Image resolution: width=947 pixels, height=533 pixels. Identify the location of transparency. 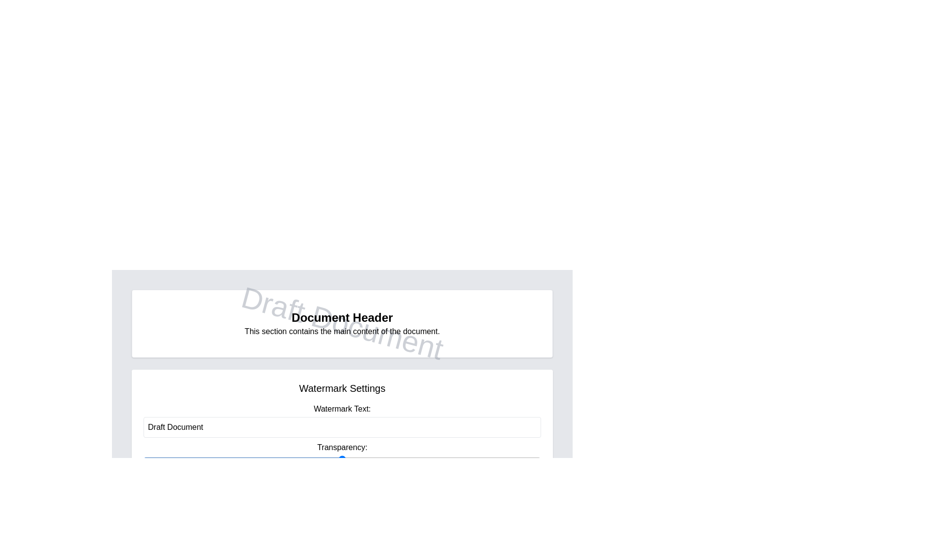
(143, 459).